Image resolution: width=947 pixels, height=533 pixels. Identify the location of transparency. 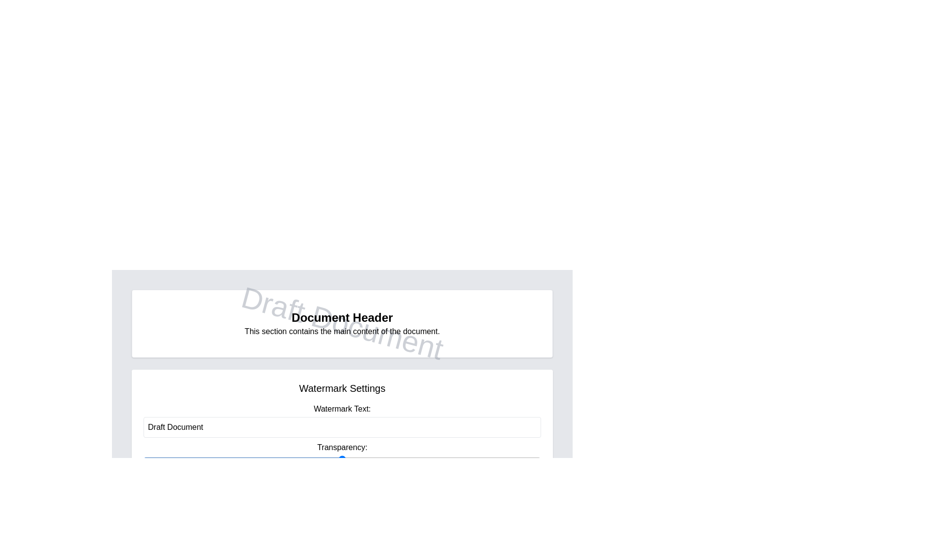
(143, 459).